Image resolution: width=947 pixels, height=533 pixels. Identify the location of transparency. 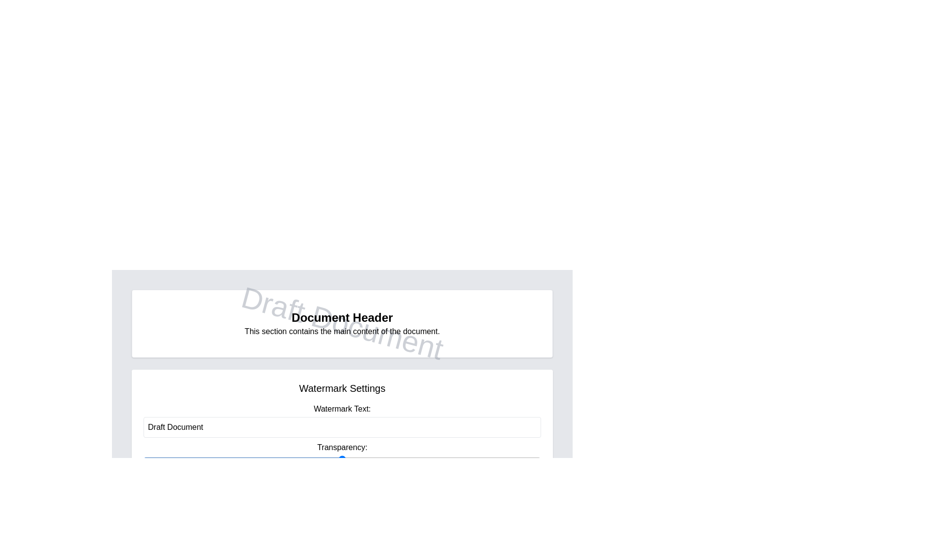
(143, 459).